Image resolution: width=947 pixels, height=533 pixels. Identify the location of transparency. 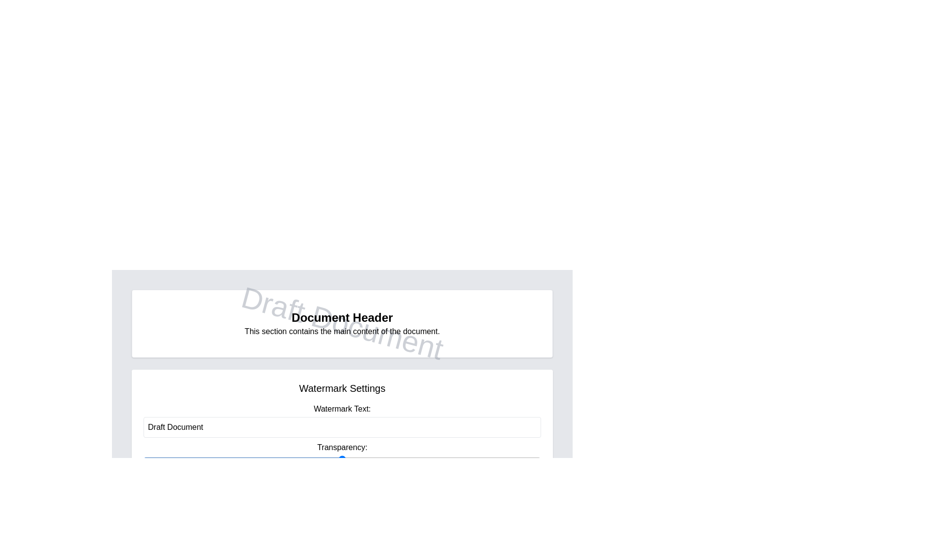
(143, 459).